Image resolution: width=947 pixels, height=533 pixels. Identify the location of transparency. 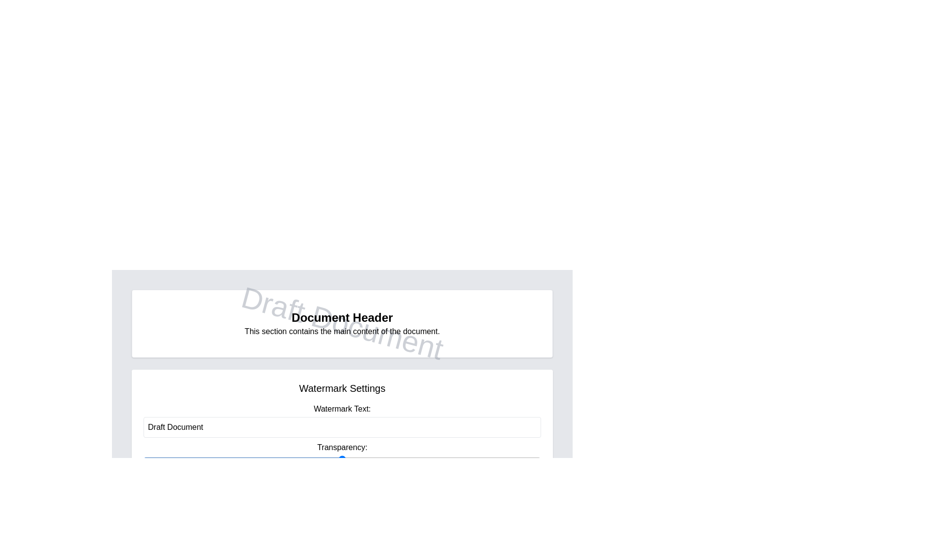
(143, 459).